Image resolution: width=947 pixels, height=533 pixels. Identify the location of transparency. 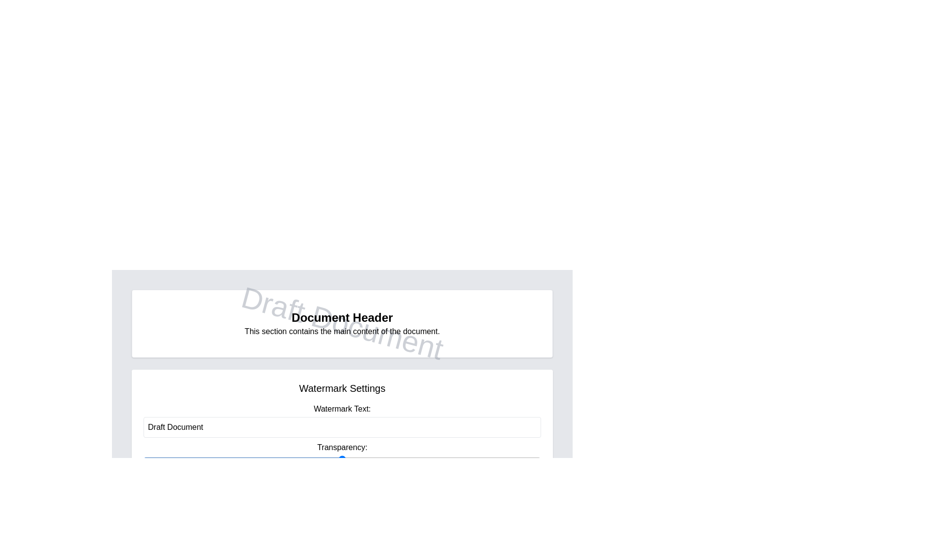
(143, 459).